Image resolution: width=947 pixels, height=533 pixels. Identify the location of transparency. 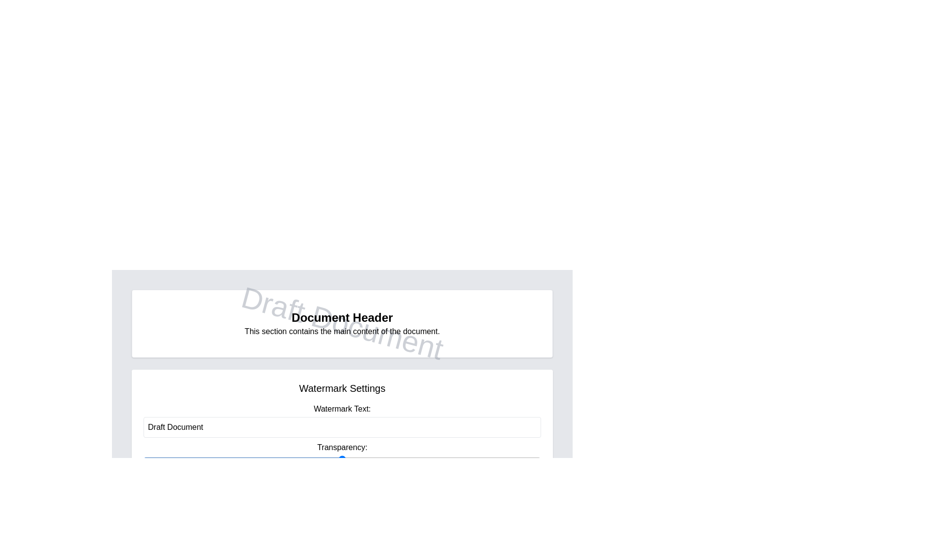
(143, 459).